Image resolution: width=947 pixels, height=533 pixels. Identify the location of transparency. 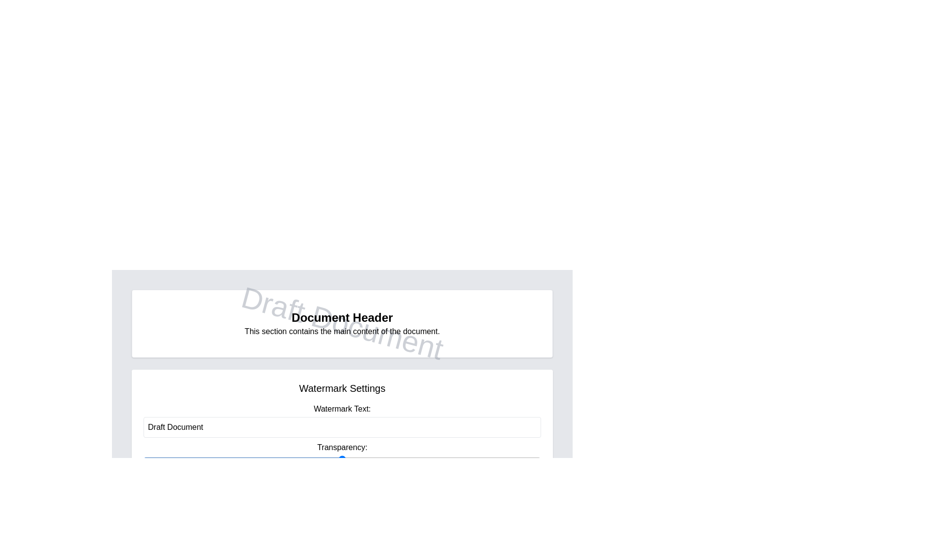
(143, 459).